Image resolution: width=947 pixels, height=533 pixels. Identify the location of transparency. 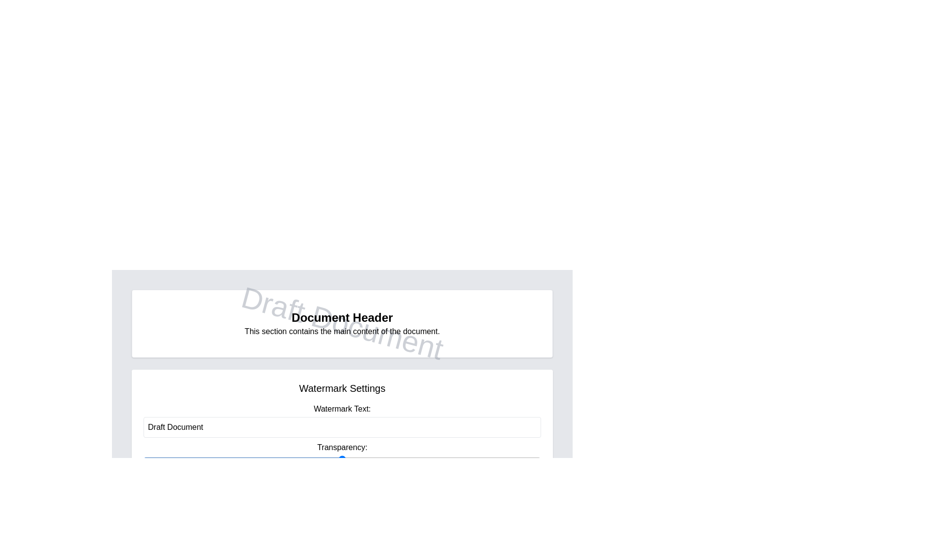
(143, 459).